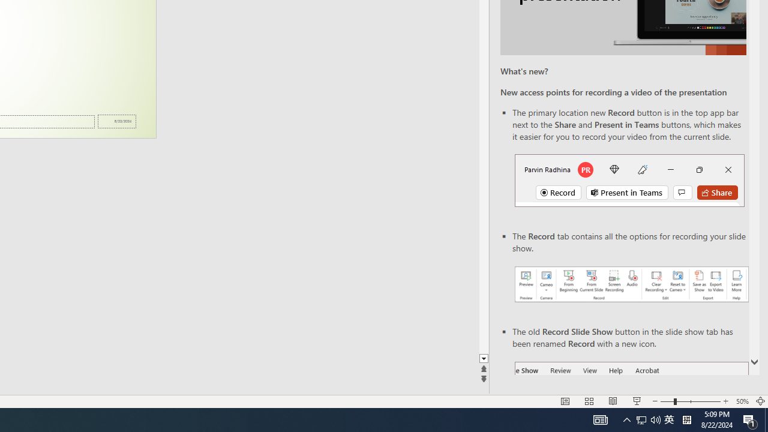 The height and width of the screenshot is (432, 768). Describe the element at coordinates (666, 401) in the screenshot. I see `'Zoom Out'` at that location.